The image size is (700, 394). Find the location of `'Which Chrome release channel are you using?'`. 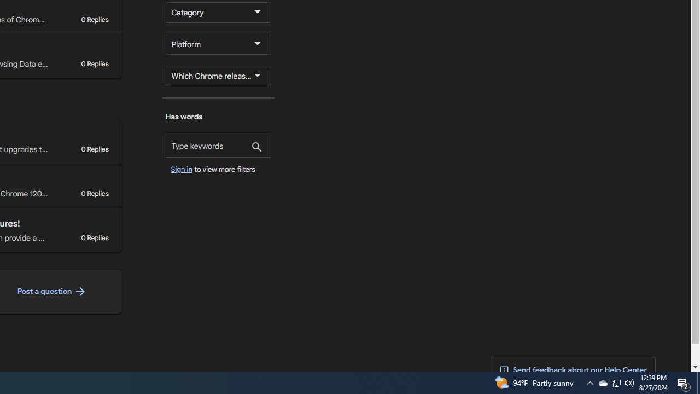

'Which Chrome release channel are you using?' is located at coordinates (218, 75).